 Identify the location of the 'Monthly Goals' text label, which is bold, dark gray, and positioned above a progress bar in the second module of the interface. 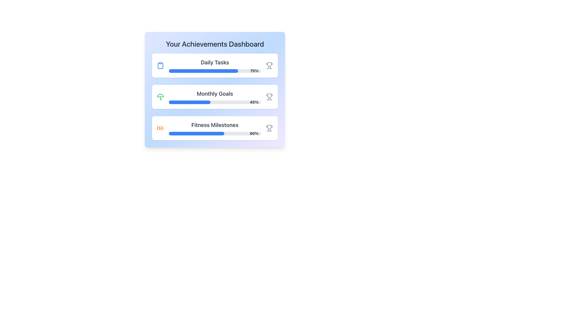
(215, 94).